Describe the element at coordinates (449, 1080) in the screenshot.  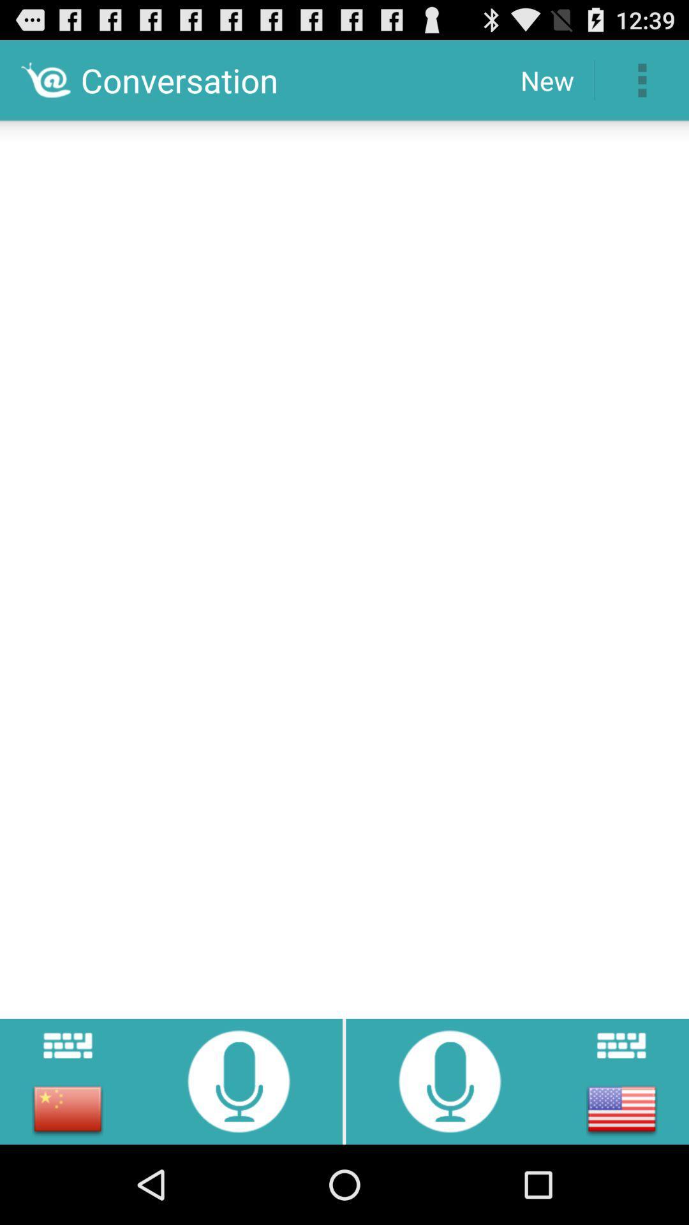
I see `record voice message` at that location.